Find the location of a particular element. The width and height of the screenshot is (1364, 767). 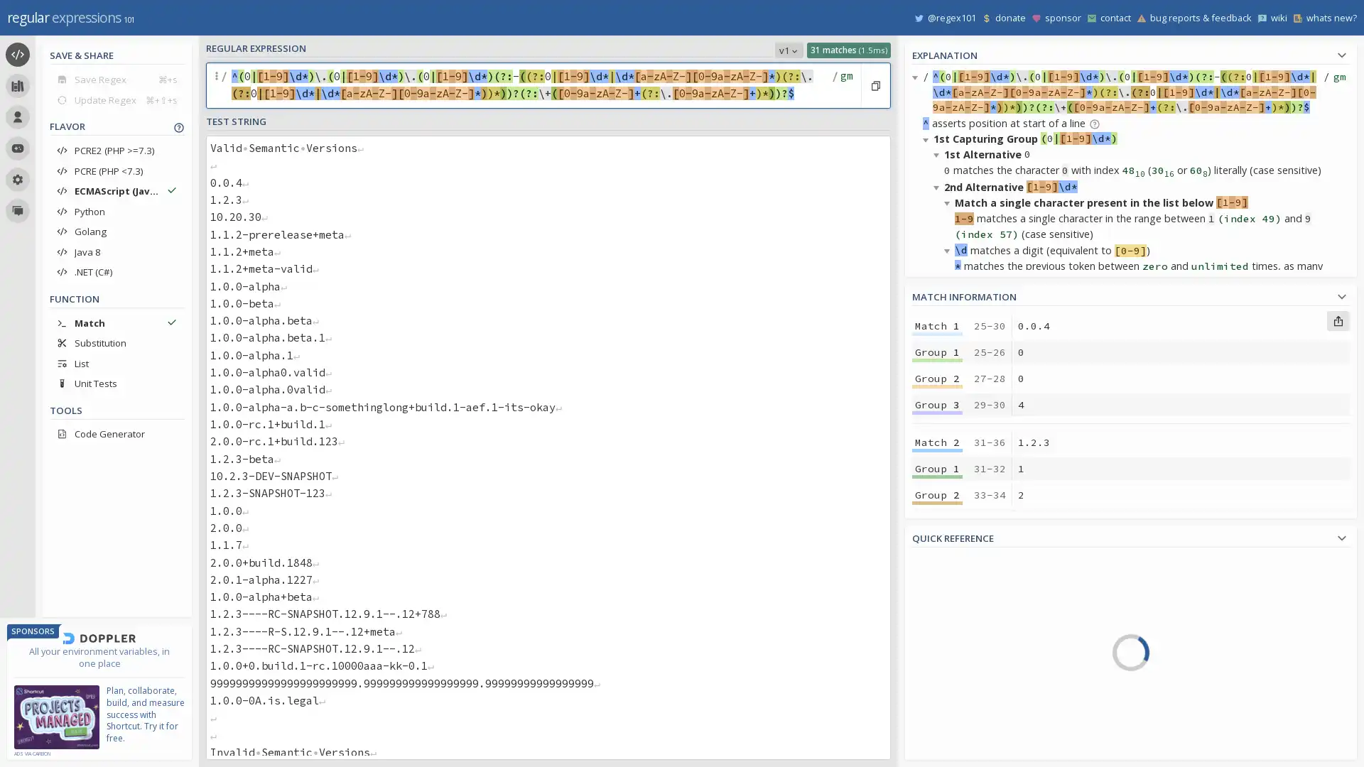

Collapse Subtree is located at coordinates (928, 139).